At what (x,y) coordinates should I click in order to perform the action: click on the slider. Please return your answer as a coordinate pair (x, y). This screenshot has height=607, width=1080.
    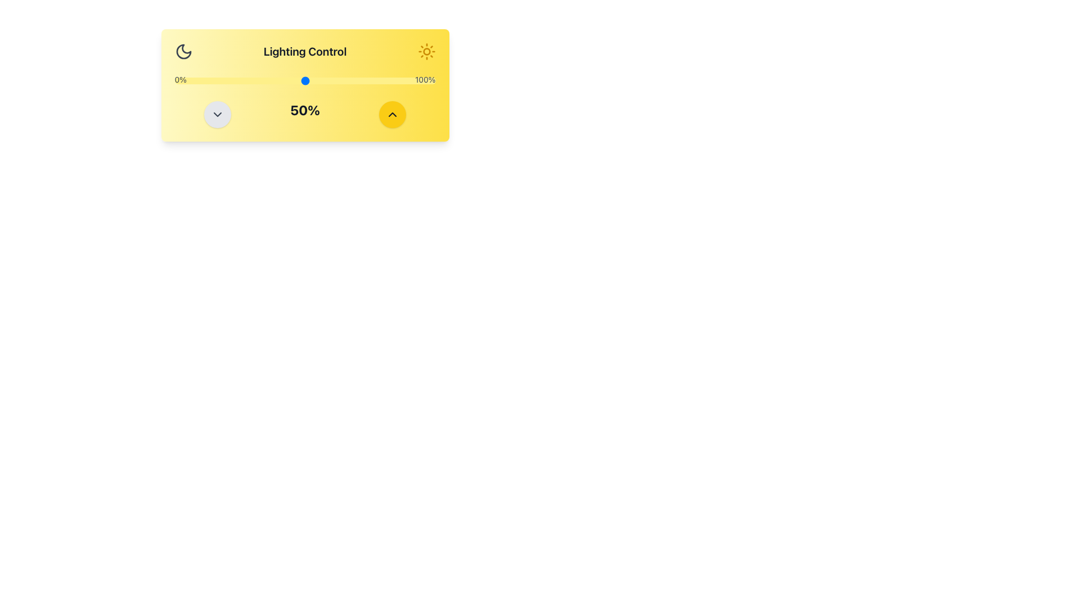
    Looking at the image, I should click on (244, 80).